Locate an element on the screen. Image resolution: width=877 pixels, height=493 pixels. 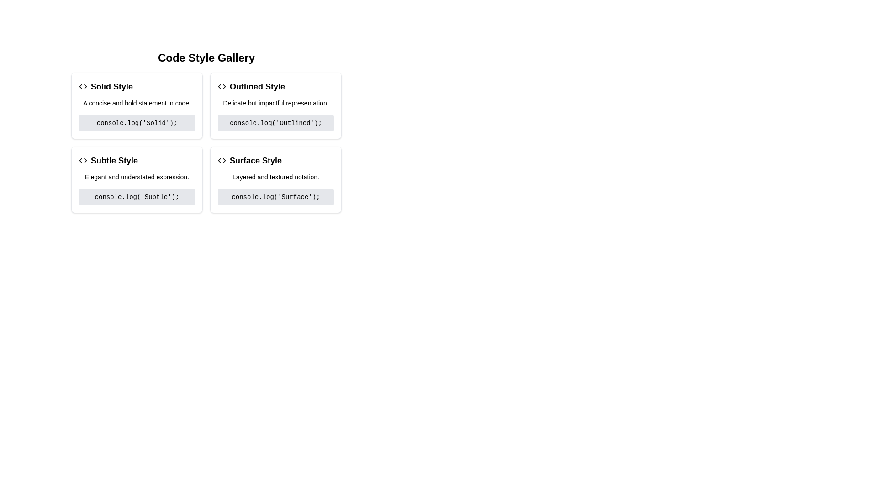
the coding icon in the 'Surface Style' section of the 'Code Style Gallery', located to the left of the 'Surface Style' title text is located at coordinates (222, 160).